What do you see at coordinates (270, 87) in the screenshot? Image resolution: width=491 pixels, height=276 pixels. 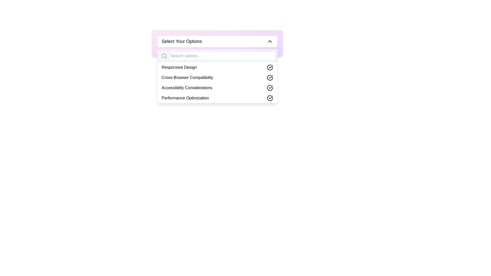 I see `the icon indicating the selection state of the 'Accessibility Considerations' option` at bounding box center [270, 87].